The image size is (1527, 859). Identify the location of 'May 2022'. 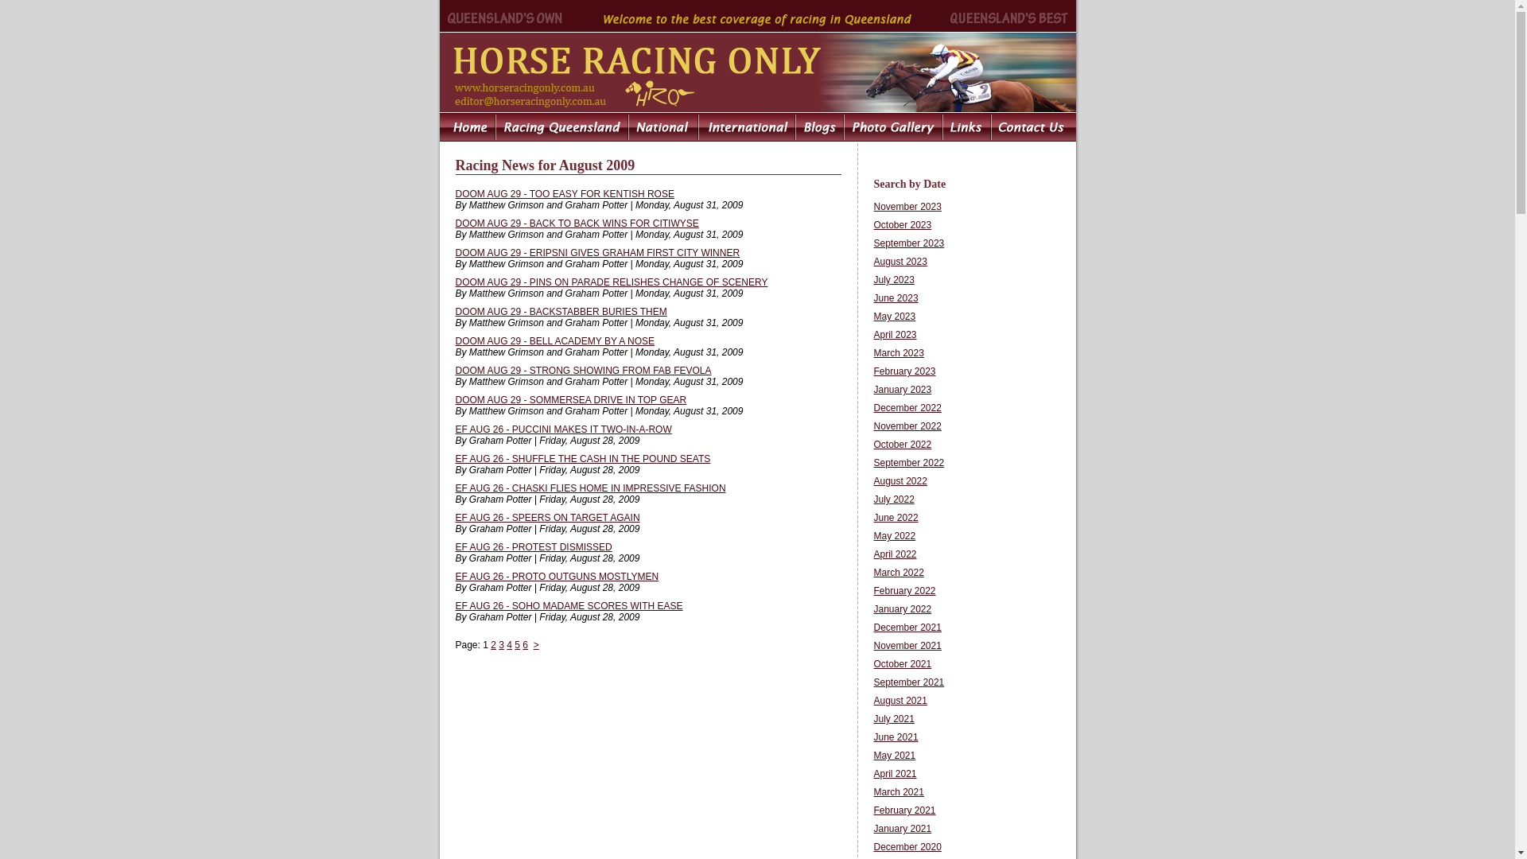
(894, 536).